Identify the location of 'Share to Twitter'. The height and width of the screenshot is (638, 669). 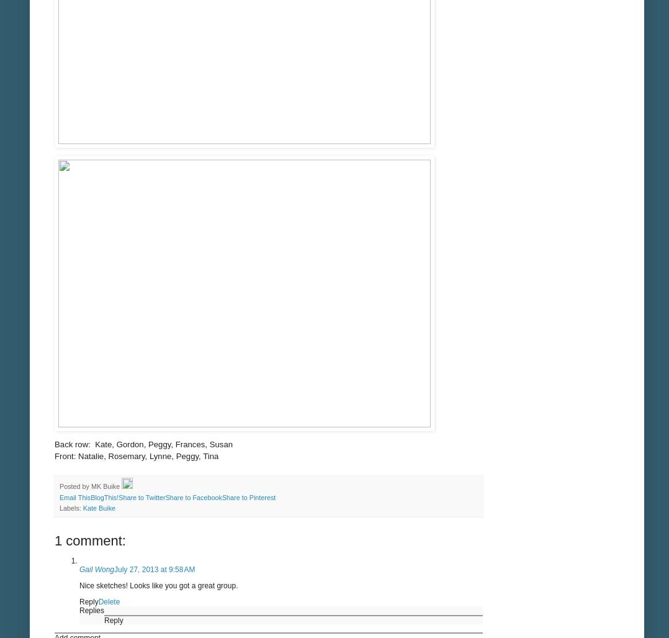
(118, 497).